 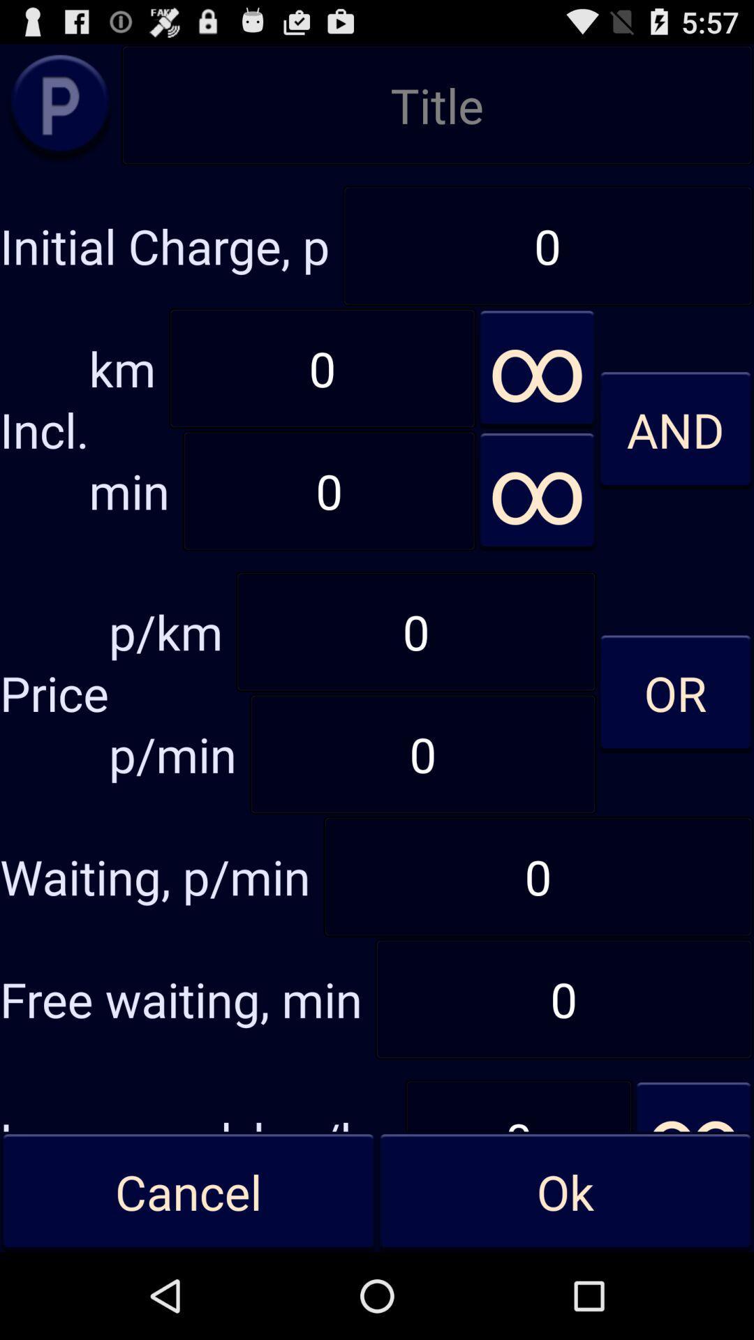 I want to click on the option which says title, so click(x=436, y=104).